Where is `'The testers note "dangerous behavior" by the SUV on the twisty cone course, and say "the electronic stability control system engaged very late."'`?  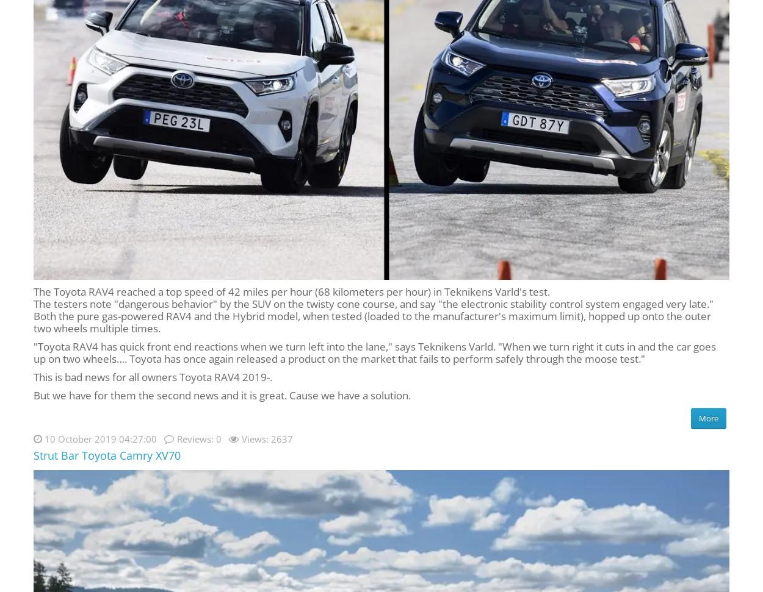
'The testers note "dangerous behavior" by the SUV on the twisty cone course, and say "the electronic stability control system engaged very late."' is located at coordinates (373, 302).